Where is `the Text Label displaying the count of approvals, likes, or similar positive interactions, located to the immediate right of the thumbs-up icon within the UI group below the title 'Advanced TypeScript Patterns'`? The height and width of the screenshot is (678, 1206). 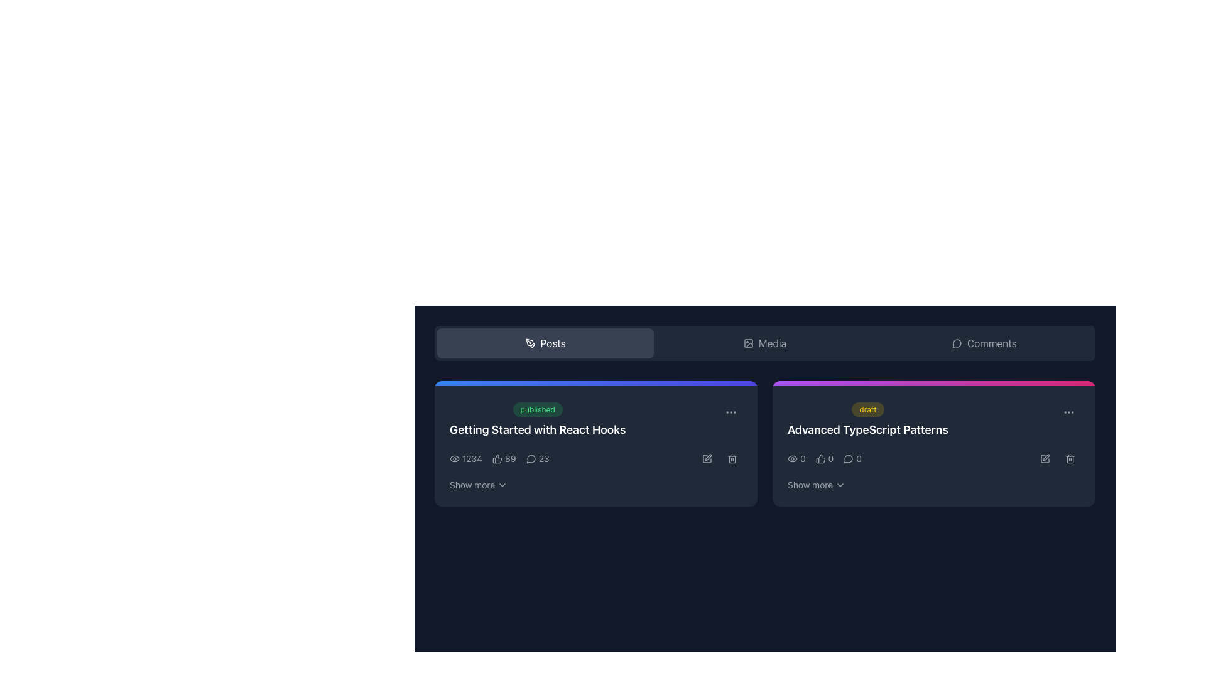 the Text Label displaying the count of approvals, likes, or similar positive interactions, located to the immediate right of the thumbs-up icon within the UI group below the title 'Advanced TypeScript Patterns' is located at coordinates (831, 459).